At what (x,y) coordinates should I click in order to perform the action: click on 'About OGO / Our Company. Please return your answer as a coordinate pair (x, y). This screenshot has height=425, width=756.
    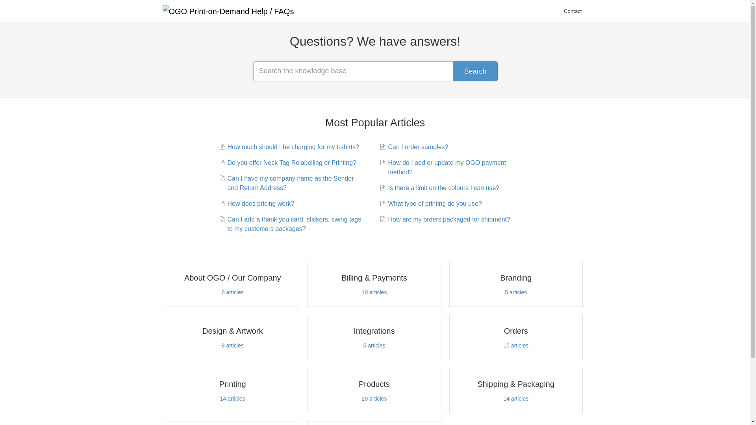
    Looking at the image, I should click on (165, 284).